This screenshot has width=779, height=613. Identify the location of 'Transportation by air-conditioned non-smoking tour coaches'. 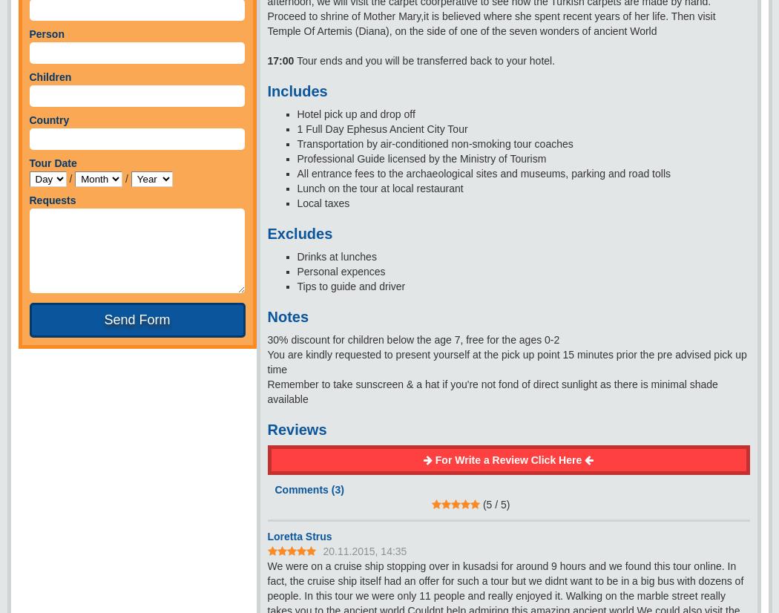
(434, 144).